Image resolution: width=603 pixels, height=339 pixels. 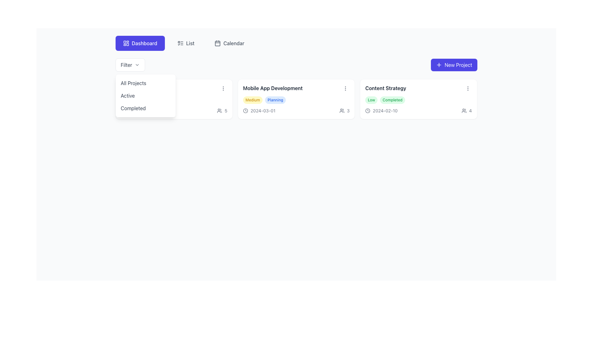 What do you see at coordinates (222, 110) in the screenshot?
I see `the Static Information Label that displays the number '5' next to a group icon, positioned on the far right of the dashboard's right section` at bounding box center [222, 110].